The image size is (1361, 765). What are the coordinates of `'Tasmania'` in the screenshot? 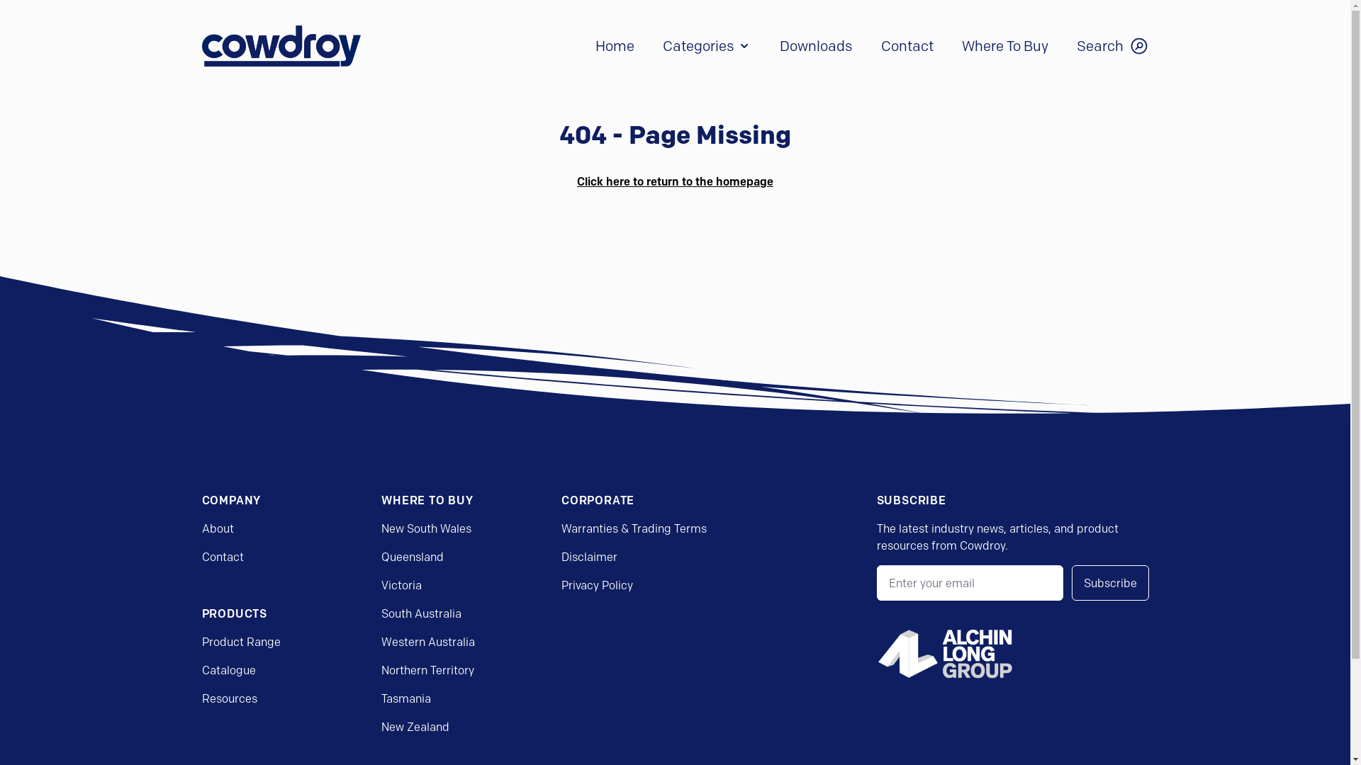 It's located at (405, 698).